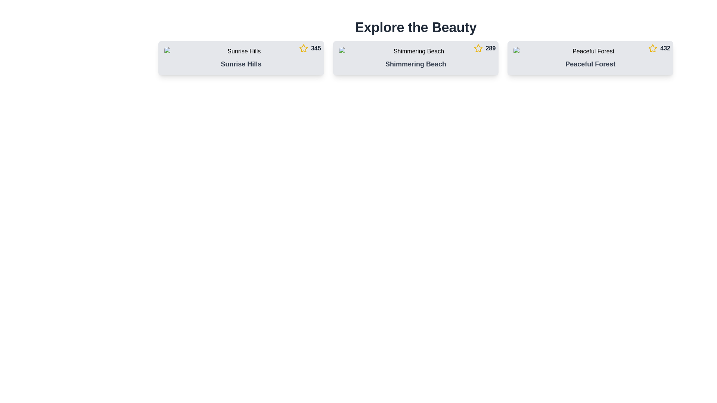 This screenshot has width=717, height=403. I want to click on the information displayed on the Informational Card titled 'Peaceful Forest' which features a light gray background, rounded corners, and a shadow effect, located in the third position of the first row, so click(590, 57).